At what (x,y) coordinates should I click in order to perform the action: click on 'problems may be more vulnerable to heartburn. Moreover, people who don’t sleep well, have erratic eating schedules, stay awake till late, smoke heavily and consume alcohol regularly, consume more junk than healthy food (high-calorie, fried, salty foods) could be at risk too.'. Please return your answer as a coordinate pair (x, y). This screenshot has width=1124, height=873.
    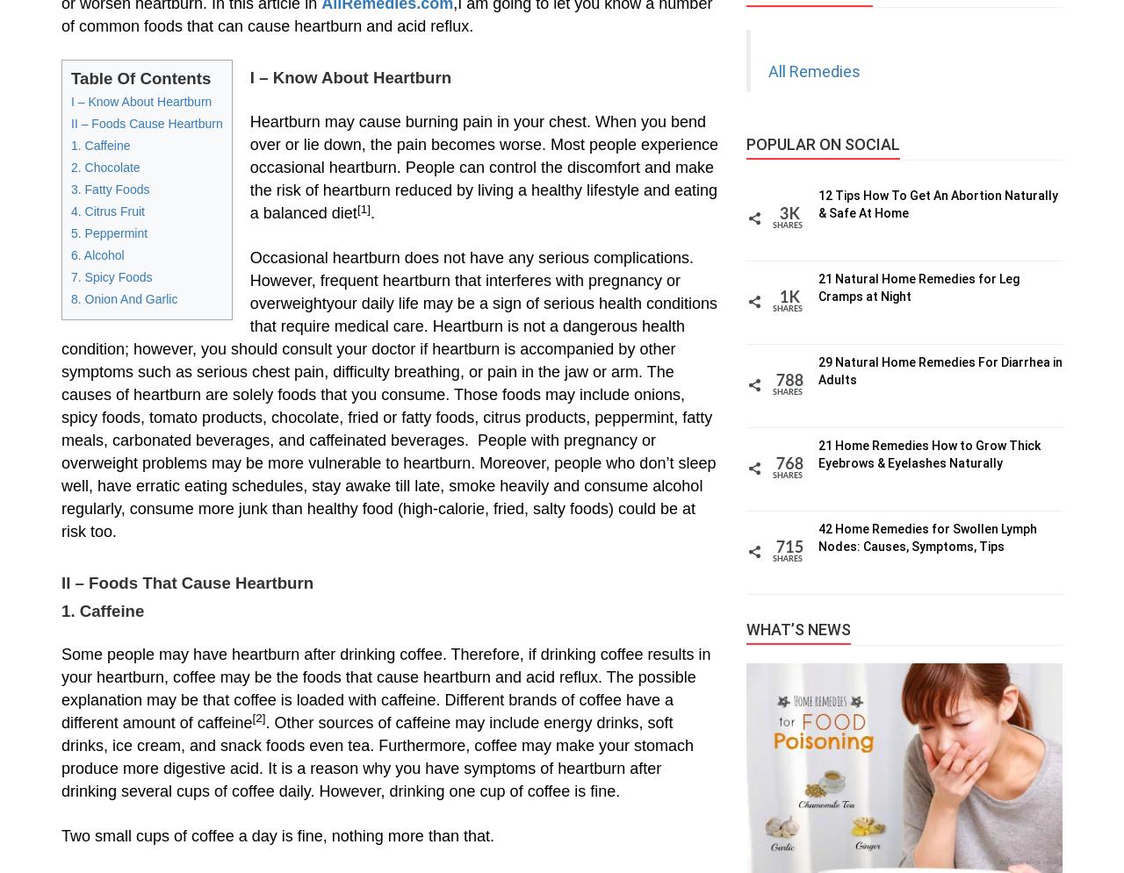
    Looking at the image, I should click on (387, 497).